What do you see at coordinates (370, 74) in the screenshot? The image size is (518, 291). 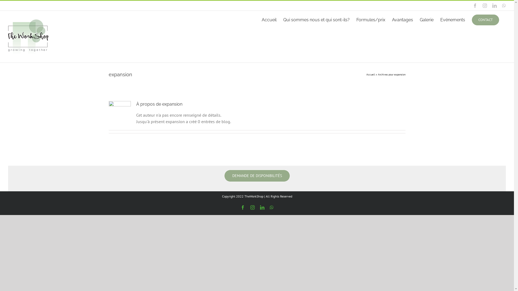 I see `'Accueil'` at bounding box center [370, 74].